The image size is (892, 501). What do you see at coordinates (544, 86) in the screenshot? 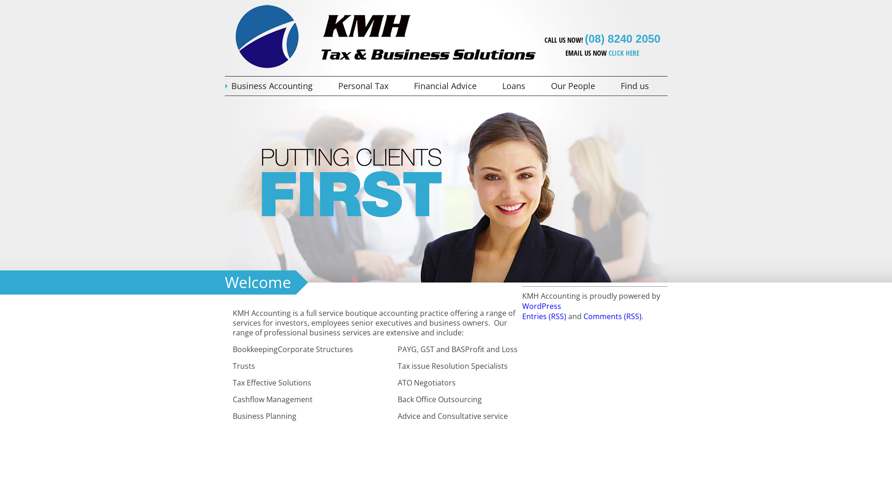
I see `'Our People'` at bounding box center [544, 86].